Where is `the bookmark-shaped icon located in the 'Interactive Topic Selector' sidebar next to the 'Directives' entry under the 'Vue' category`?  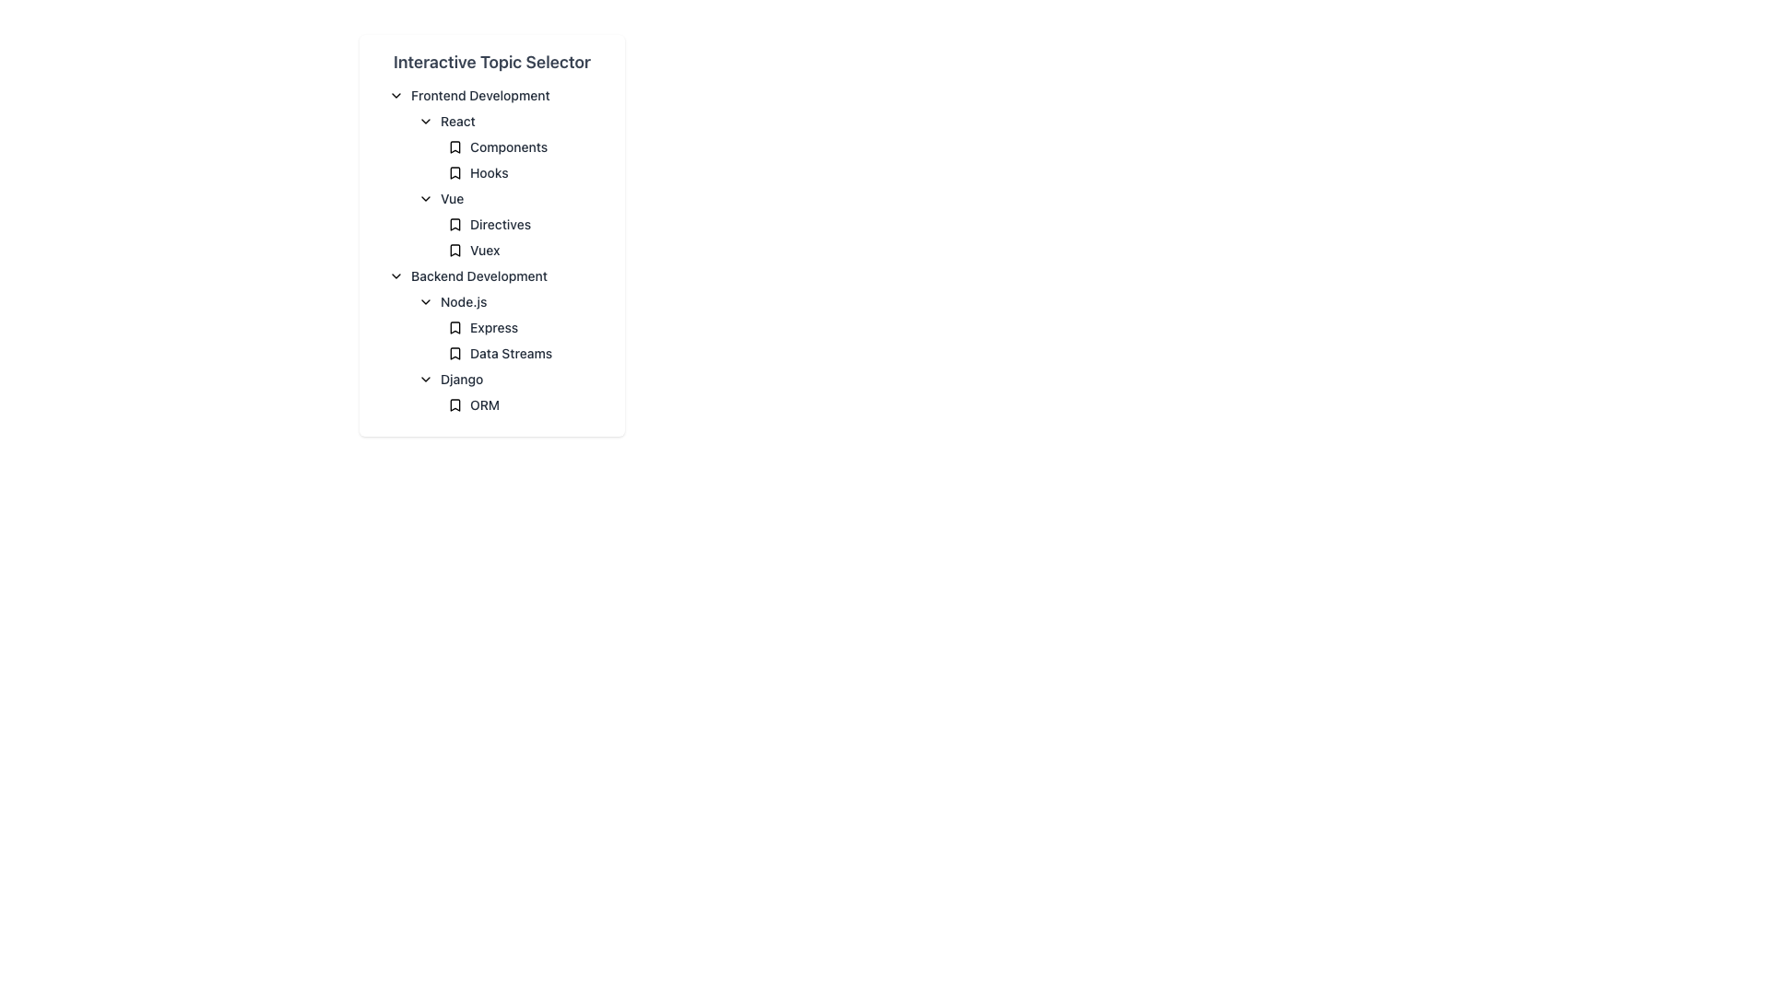 the bookmark-shaped icon located in the 'Interactive Topic Selector' sidebar next to the 'Directives' entry under the 'Vue' category is located at coordinates (455, 223).